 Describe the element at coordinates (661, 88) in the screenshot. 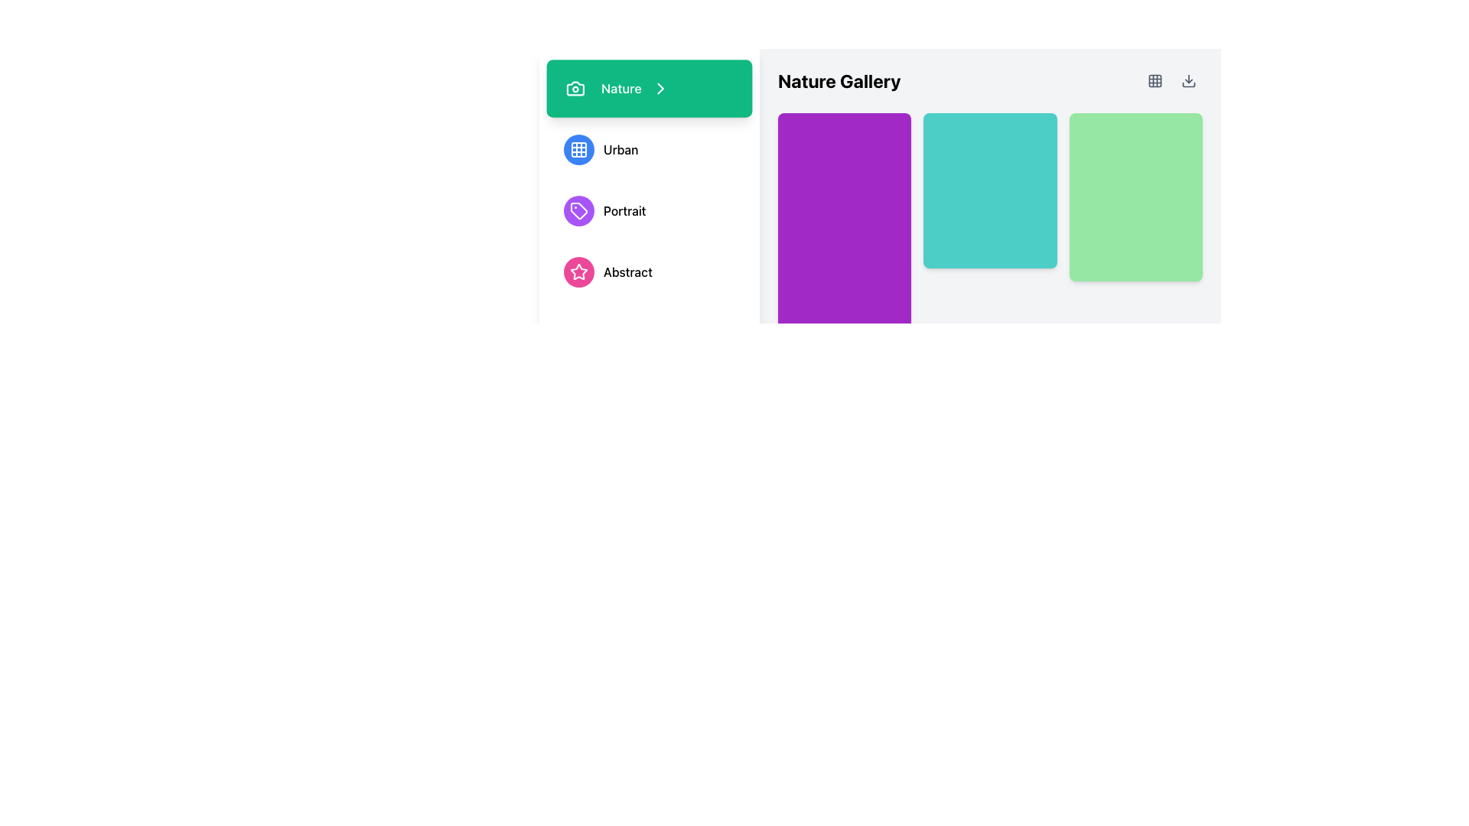

I see `the Chevron icon located to the far right of the 'Nature' text, which serves as an indicator for navigation or continuation` at that location.